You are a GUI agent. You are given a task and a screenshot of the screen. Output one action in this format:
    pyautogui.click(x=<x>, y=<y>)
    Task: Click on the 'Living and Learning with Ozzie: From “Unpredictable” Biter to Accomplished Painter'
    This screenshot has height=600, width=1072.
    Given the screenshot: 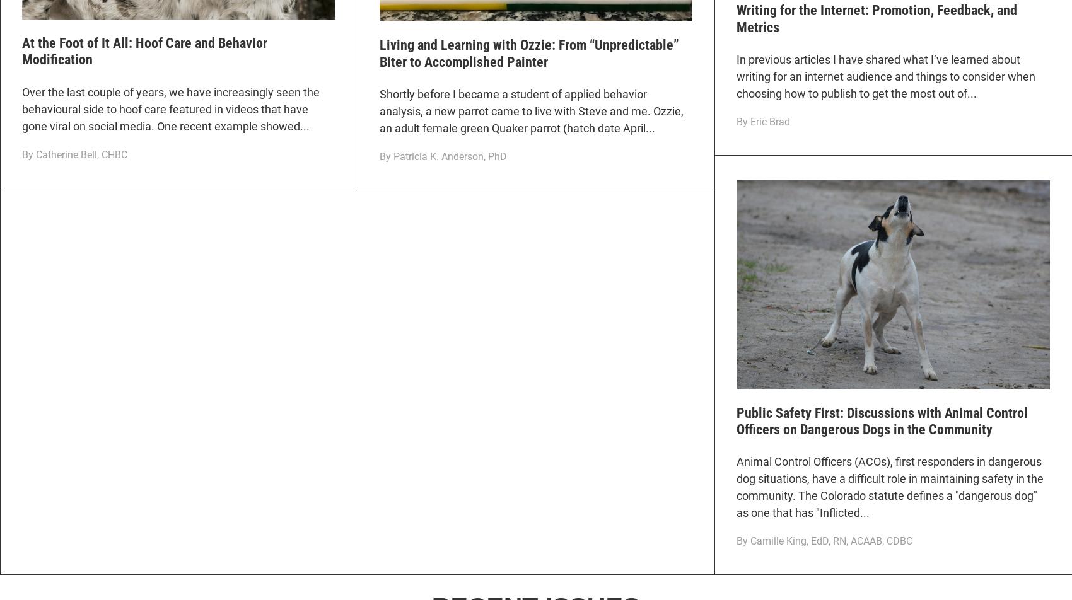 What is the action you would take?
    pyautogui.click(x=528, y=53)
    